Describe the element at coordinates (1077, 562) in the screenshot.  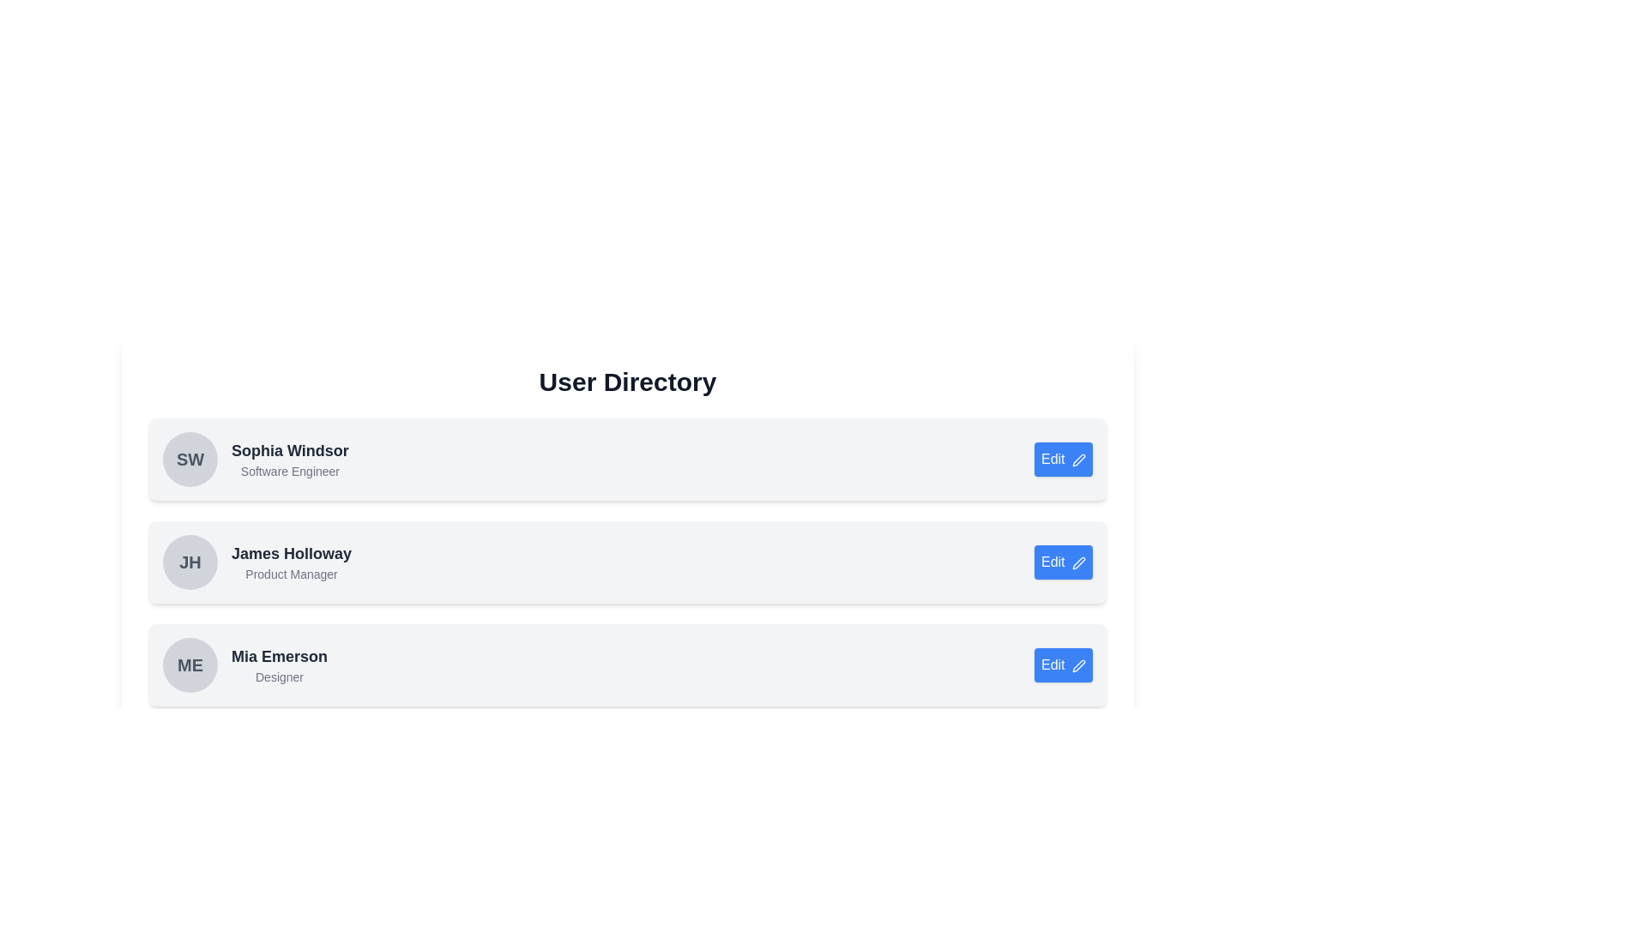
I see `the pen icon located within the blue 'Edit' button on the right side of the second row in the user directory interface` at that location.